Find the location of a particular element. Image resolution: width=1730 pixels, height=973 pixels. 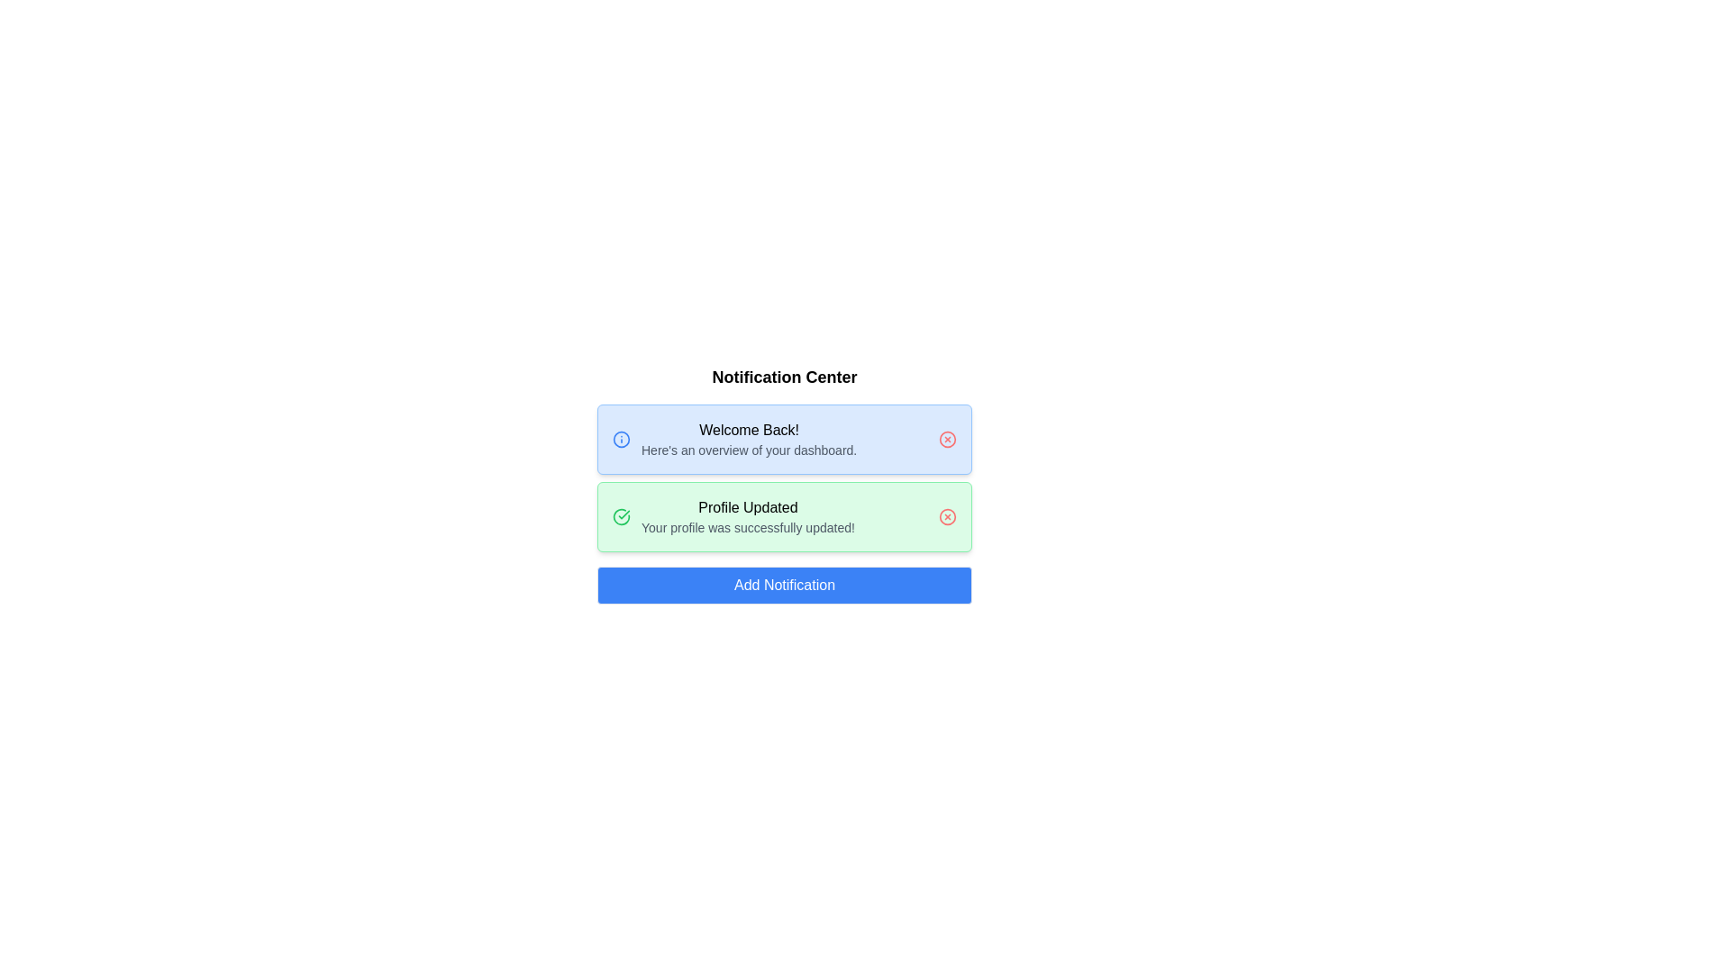

contents of the notification detail message located below the 'Profile Updated' title in the light green notification card is located at coordinates (748, 527).